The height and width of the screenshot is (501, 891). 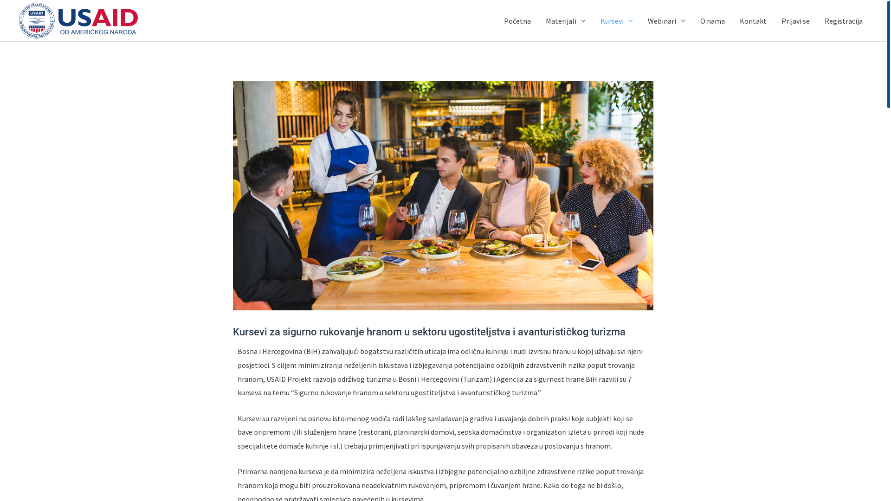 What do you see at coordinates (795, 20) in the screenshot?
I see `'Prijavi se'` at bounding box center [795, 20].